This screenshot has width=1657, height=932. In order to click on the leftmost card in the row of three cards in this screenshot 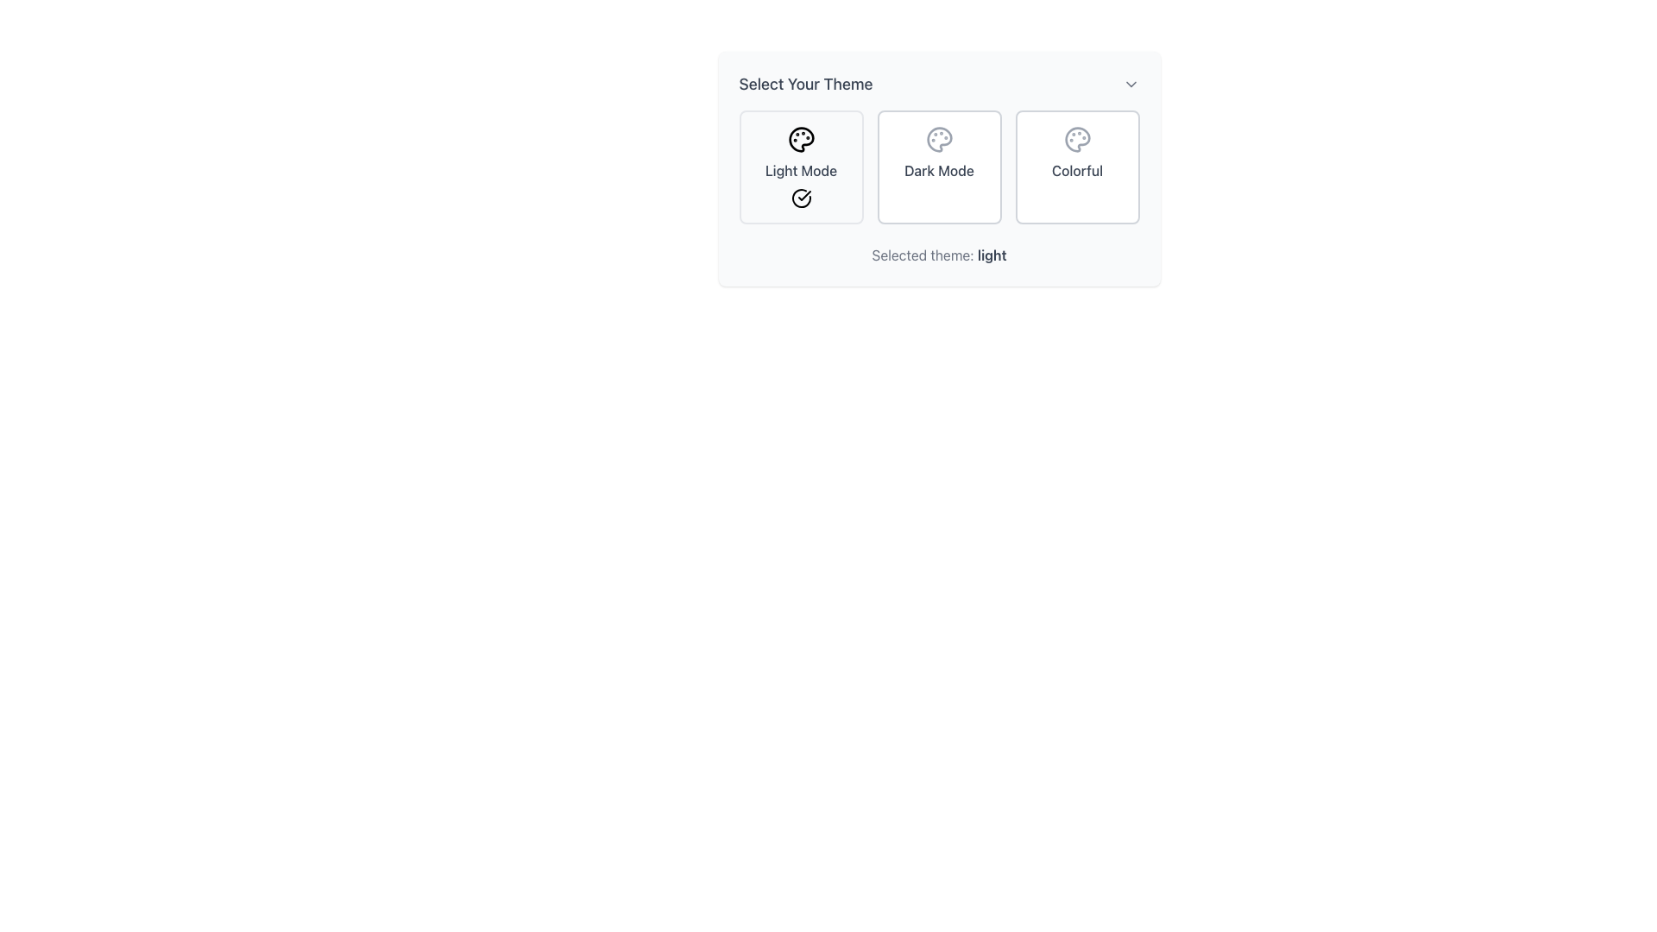, I will do `click(800, 167)`.